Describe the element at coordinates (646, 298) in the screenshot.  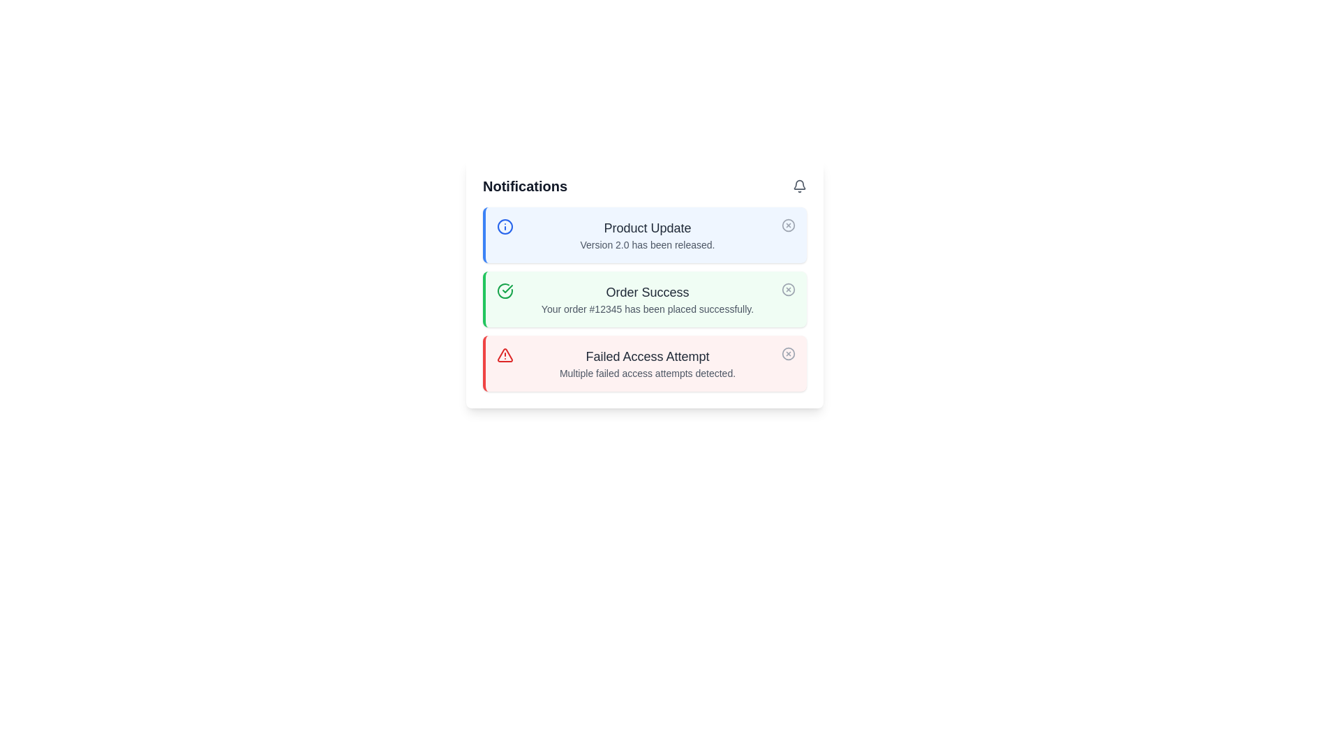
I see `text-based notification component that confirms a successful order placement, located below the 'Product Update' notification and above the 'Failed Access Attempt' notification` at that location.